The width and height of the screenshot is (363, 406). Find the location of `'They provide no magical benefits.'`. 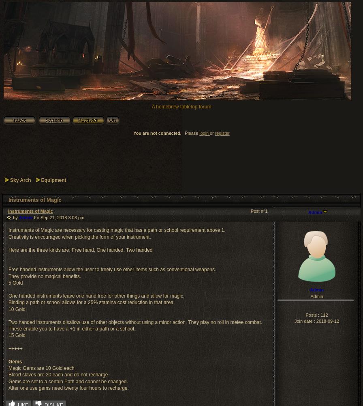

'They provide no magical benefits.' is located at coordinates (45, 276).